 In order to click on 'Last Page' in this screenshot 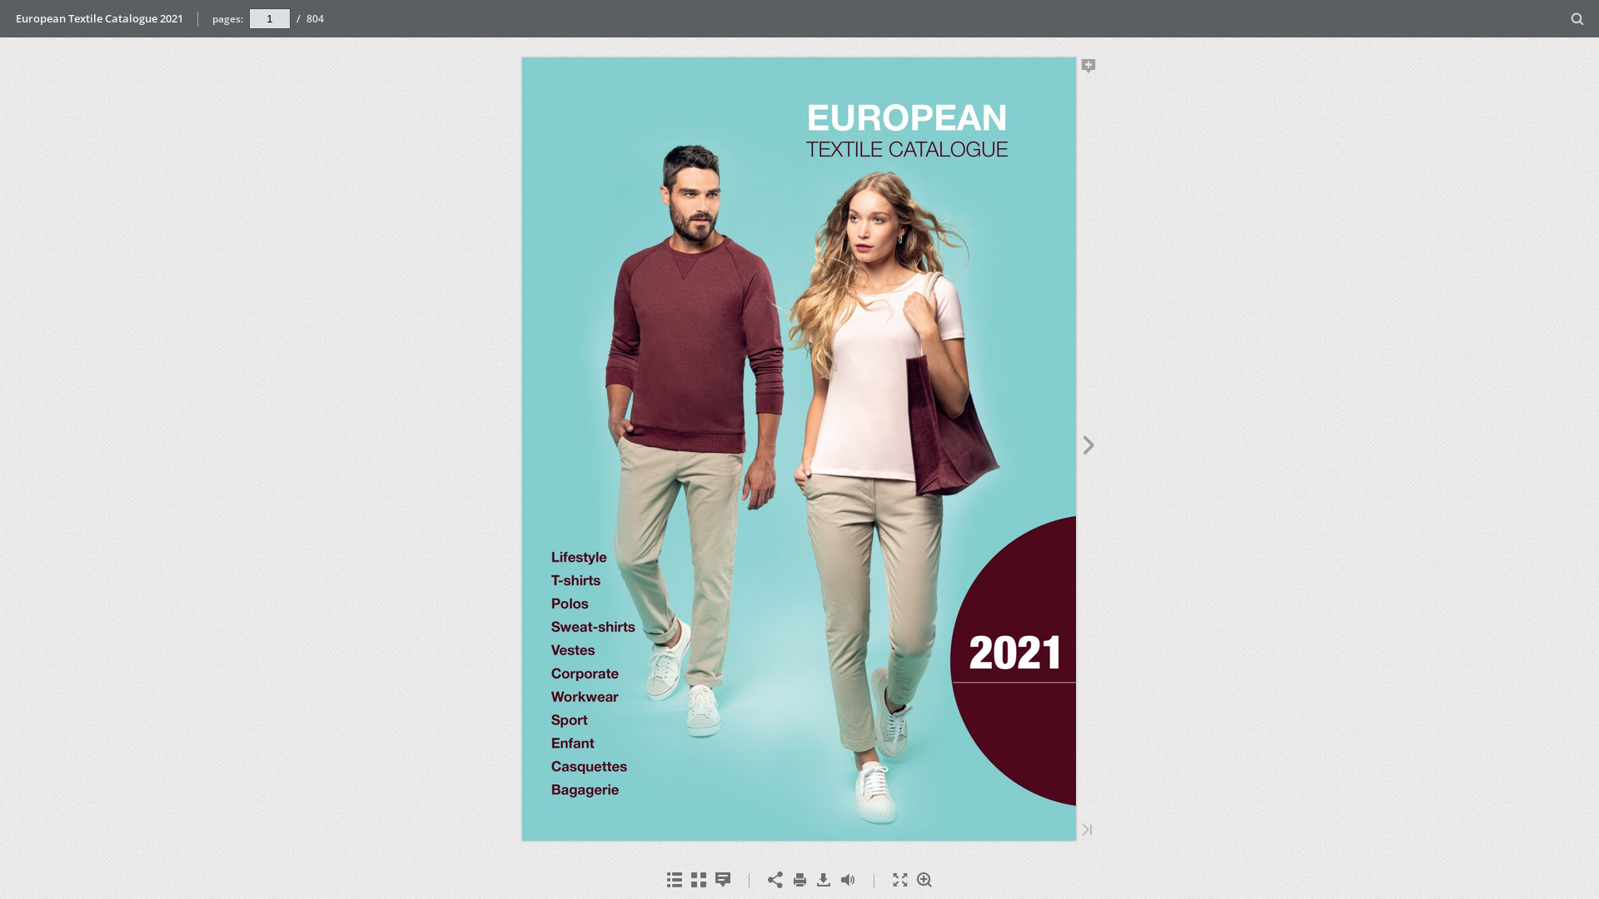, I will do `click(1087, 831)`.